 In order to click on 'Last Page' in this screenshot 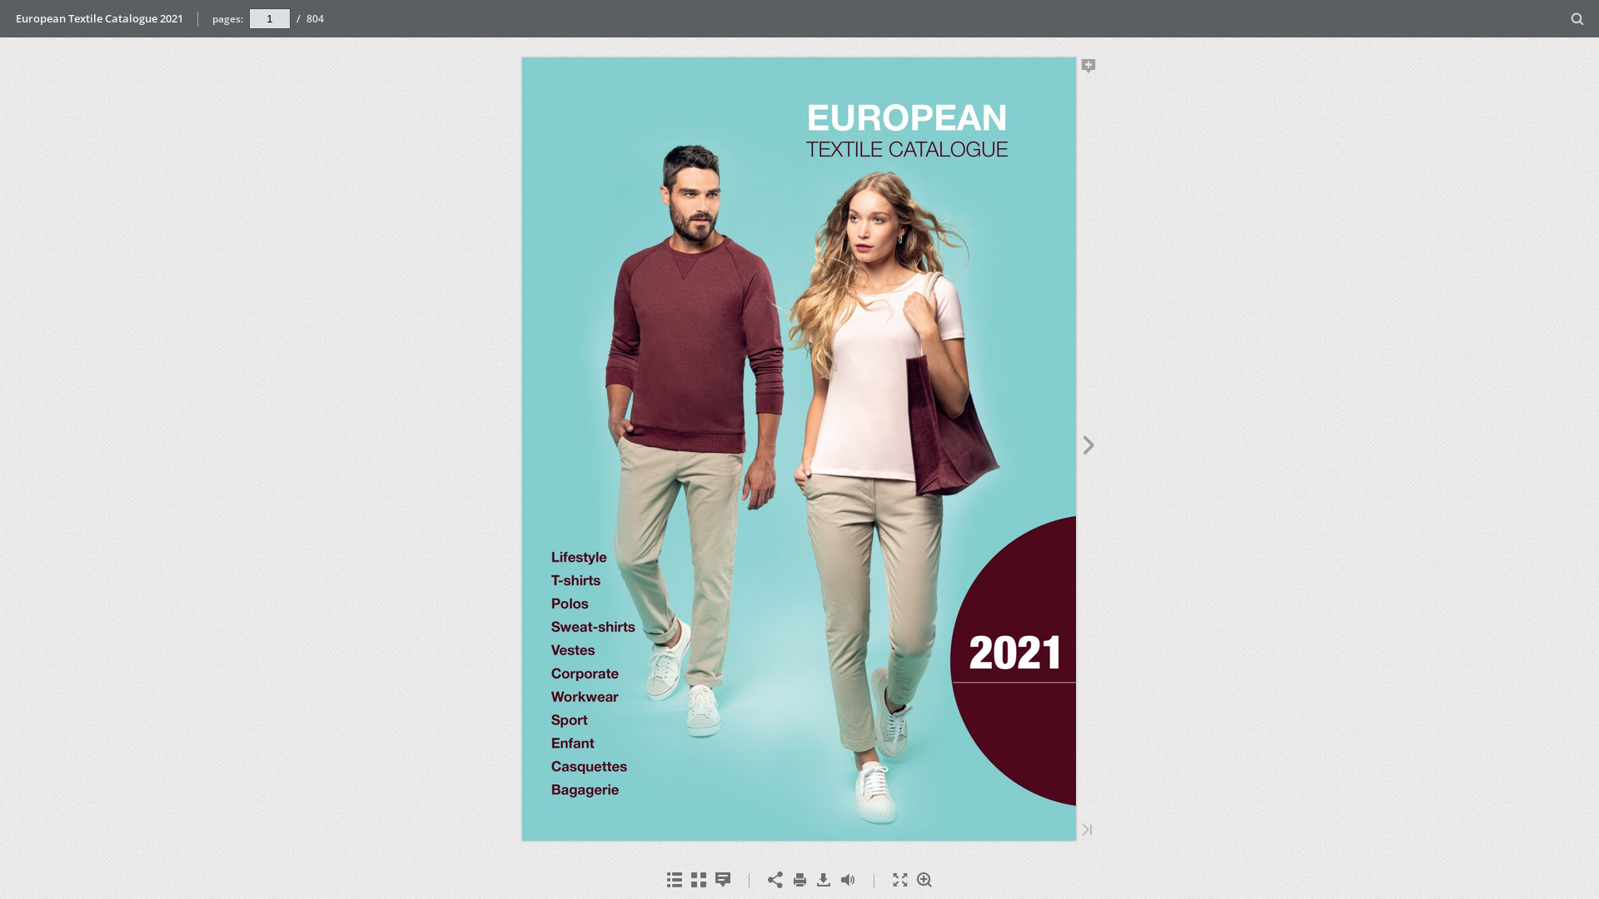, I will do `click(1087, 831)`.